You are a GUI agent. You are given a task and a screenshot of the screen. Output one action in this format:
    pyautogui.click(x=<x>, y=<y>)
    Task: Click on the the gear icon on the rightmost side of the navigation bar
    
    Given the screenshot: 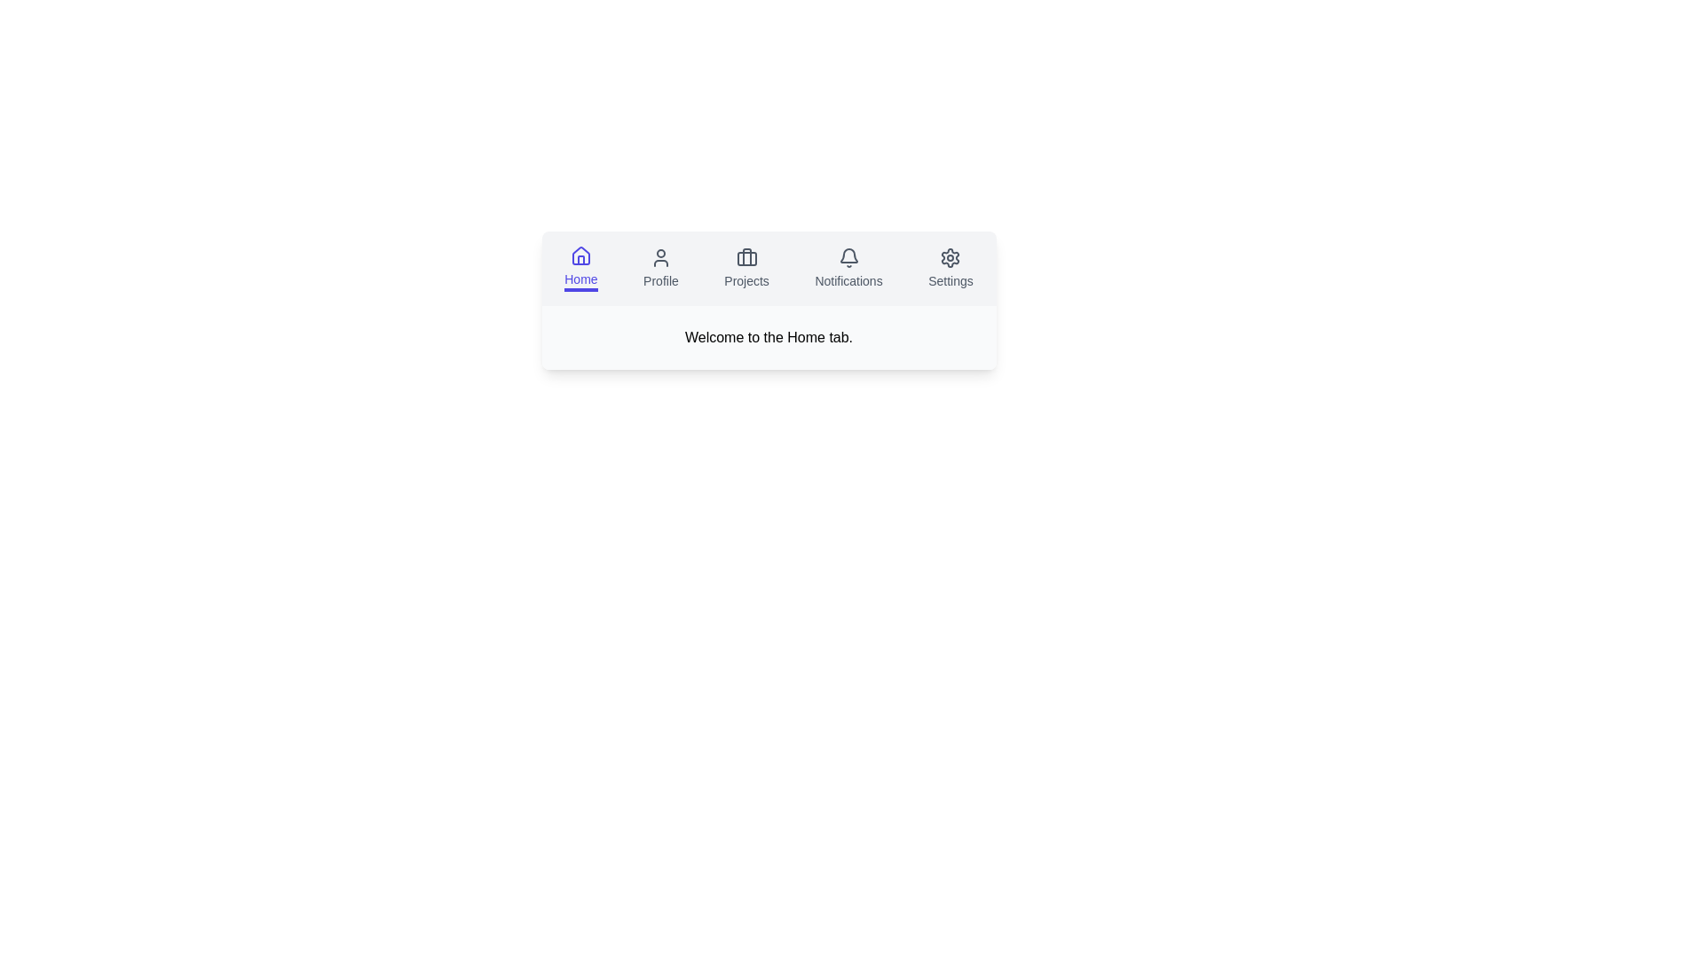 What is the action you would take?
    pyautogui.click(x=950, y=257)
    